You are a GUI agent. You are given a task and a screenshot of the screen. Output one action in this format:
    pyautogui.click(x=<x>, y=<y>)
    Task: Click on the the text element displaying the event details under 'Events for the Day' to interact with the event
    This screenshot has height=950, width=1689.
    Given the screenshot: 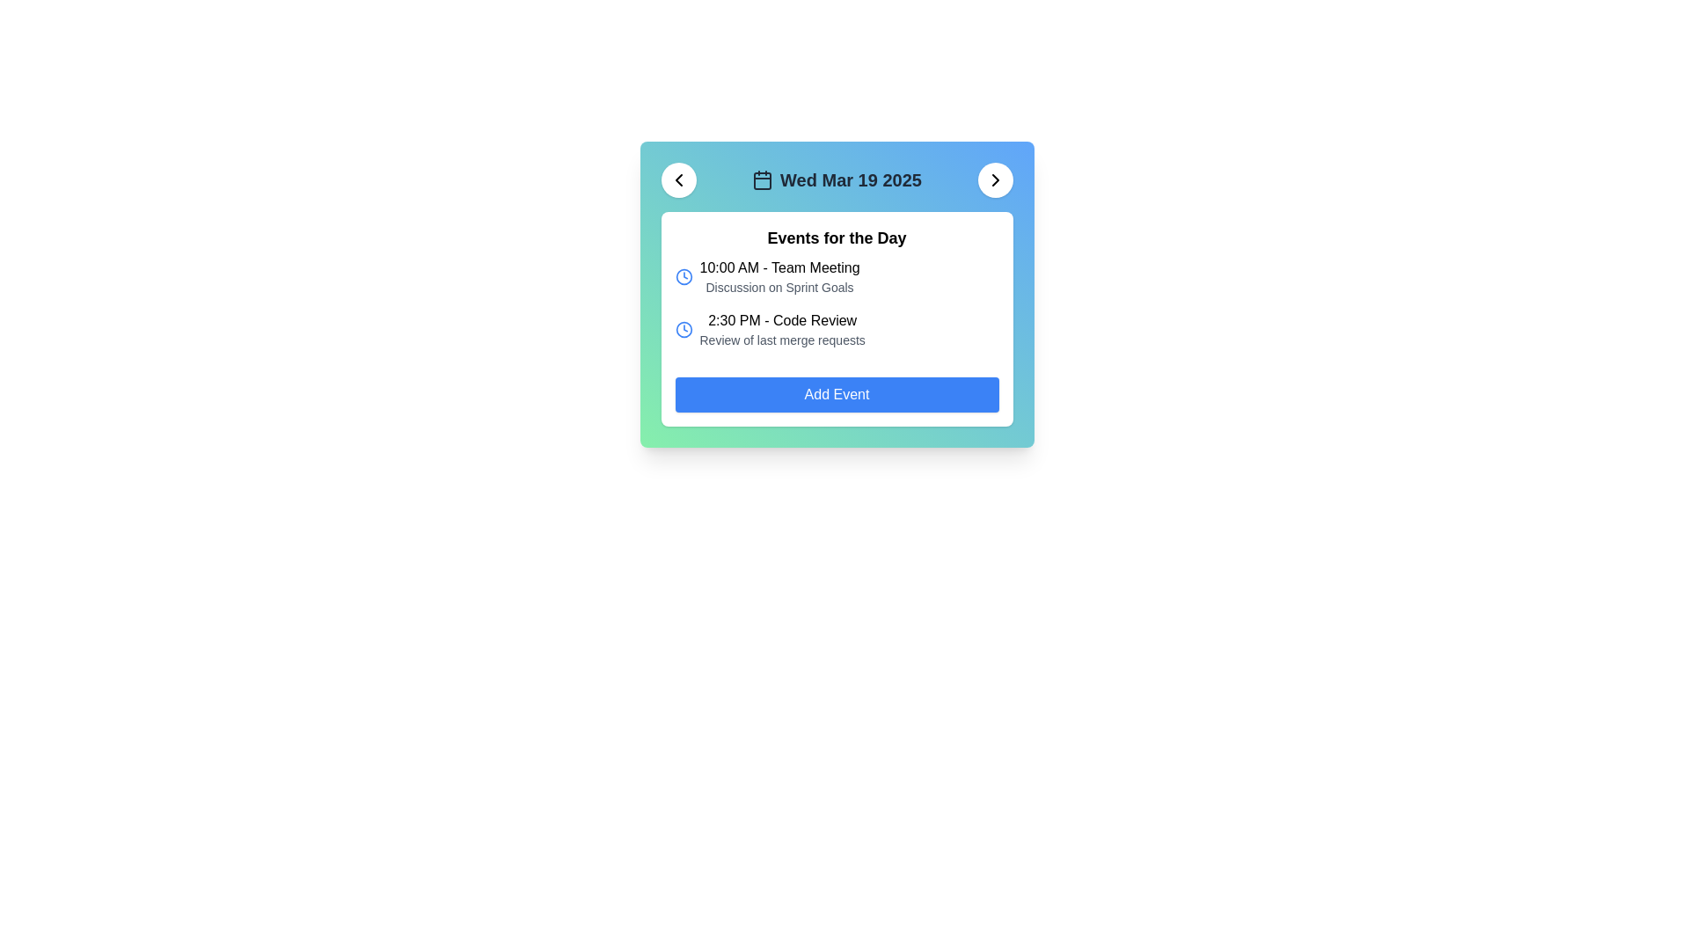 What is the action you would take?
    pyautogui.click(x=779, y=277)
    